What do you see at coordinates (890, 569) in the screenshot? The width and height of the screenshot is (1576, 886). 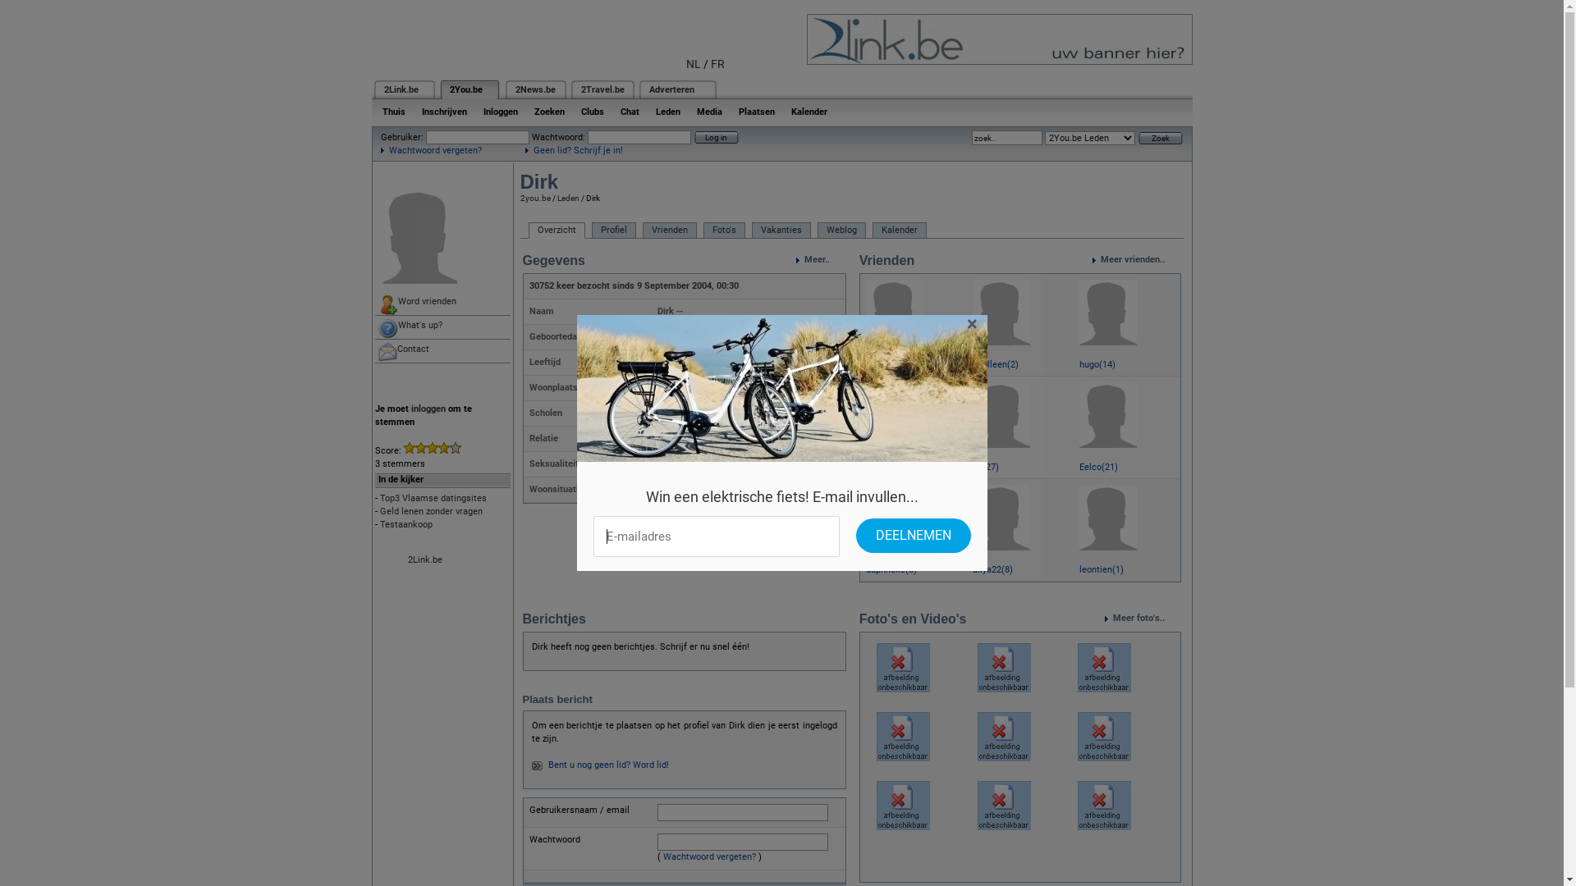 I see `'daphneke(8)'` at bounding box center [890, 569].